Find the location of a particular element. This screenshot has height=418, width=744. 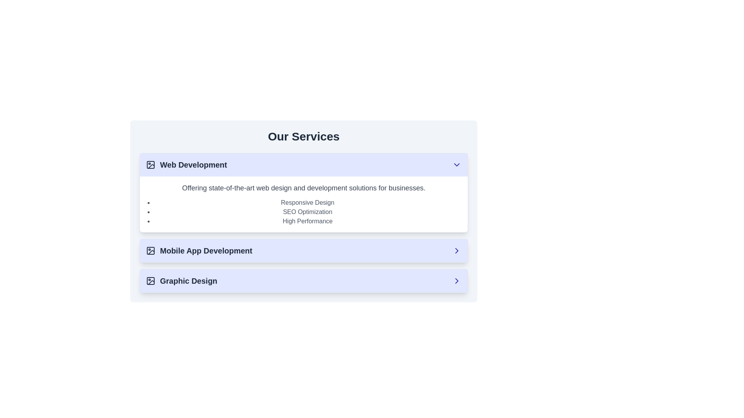

the text element that states 'Offering state-of-the-art web design and development solutions for businesses.' located at the top of the 'Web Development' expandable panel is located at coordinates (303, 188).